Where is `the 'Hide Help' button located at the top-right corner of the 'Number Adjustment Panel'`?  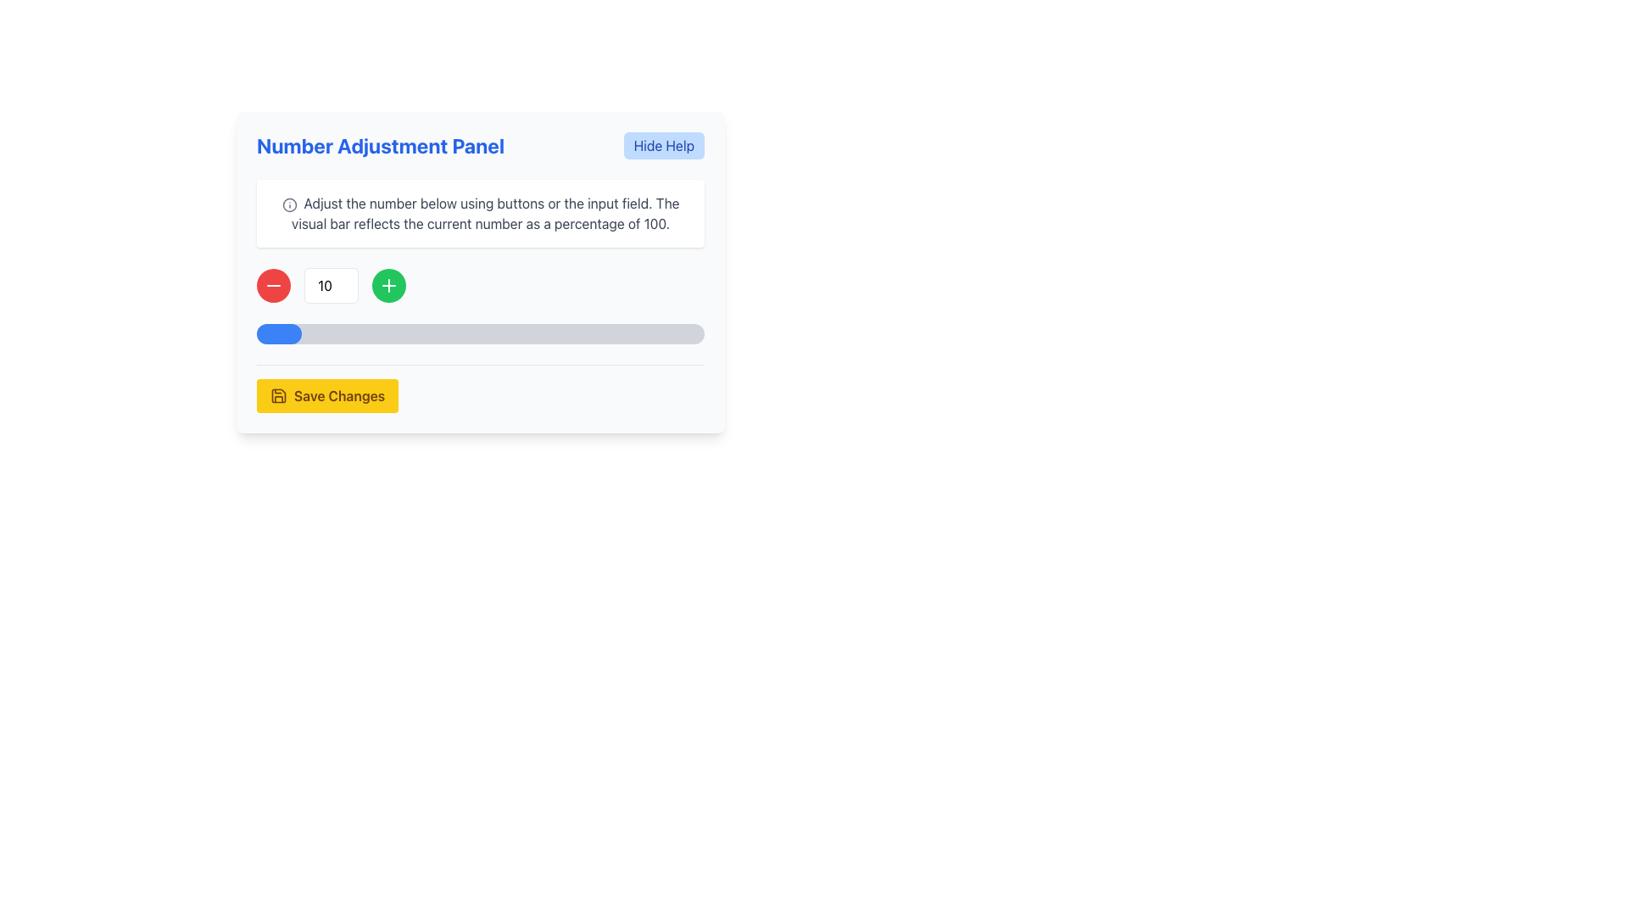
the 'Hide Help' button located at the top-right corner of the 'Number Adjustment Panel' is located at coordinates (663, 145).